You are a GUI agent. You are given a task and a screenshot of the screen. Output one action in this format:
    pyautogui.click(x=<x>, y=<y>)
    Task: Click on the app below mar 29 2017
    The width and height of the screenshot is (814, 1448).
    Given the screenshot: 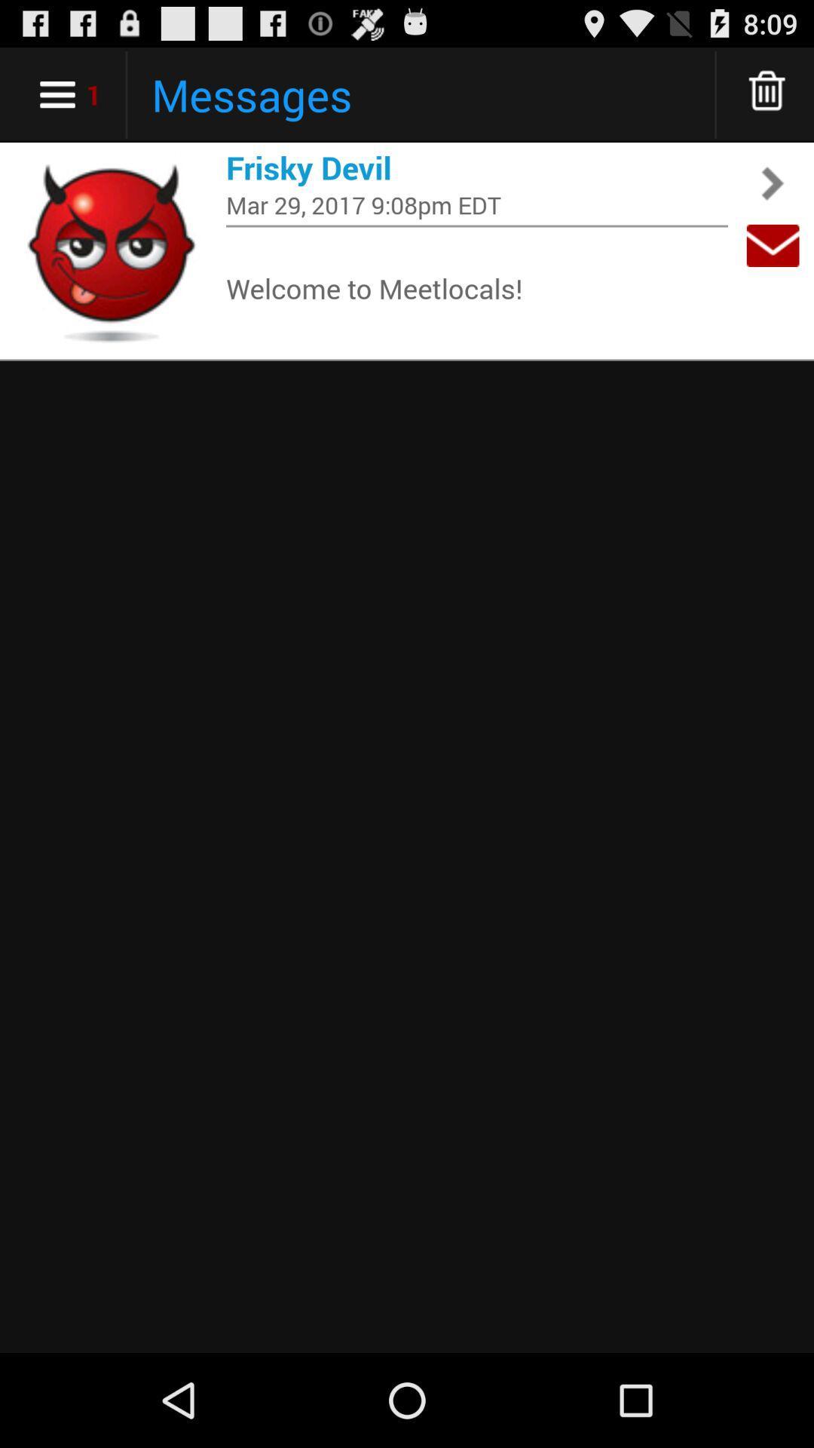 What is the action you would take?
    pyautogui.click(x=476, y=225)
    